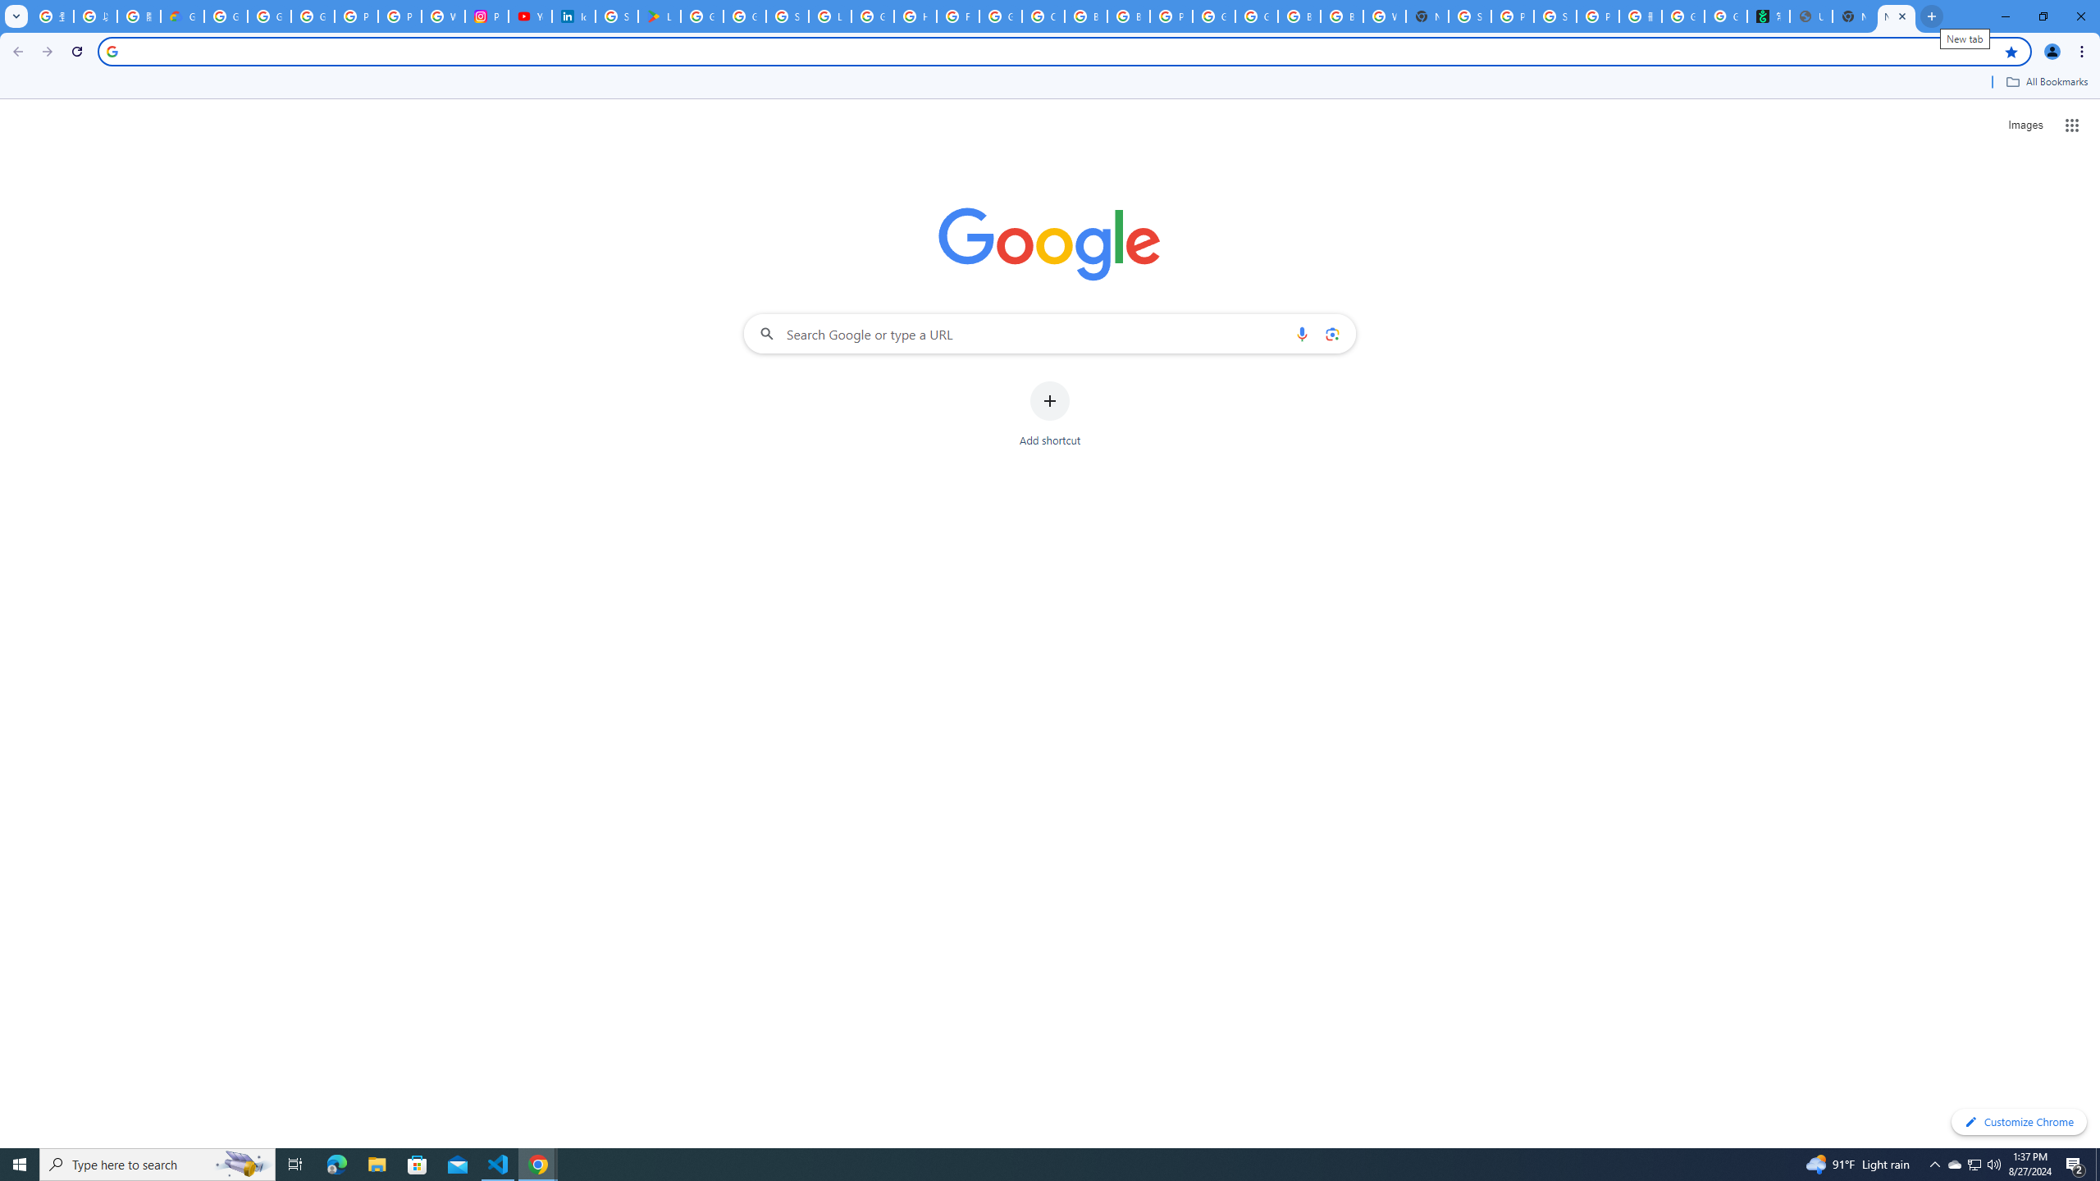 The width and height of the screenshot is (2100, 1181). What do you see at coordinates (1298, 16) in the screenshot?
I see `'Browse Chrome as a guest - Computer - Google Chrome Help'` at bounding box center [1298, 16].